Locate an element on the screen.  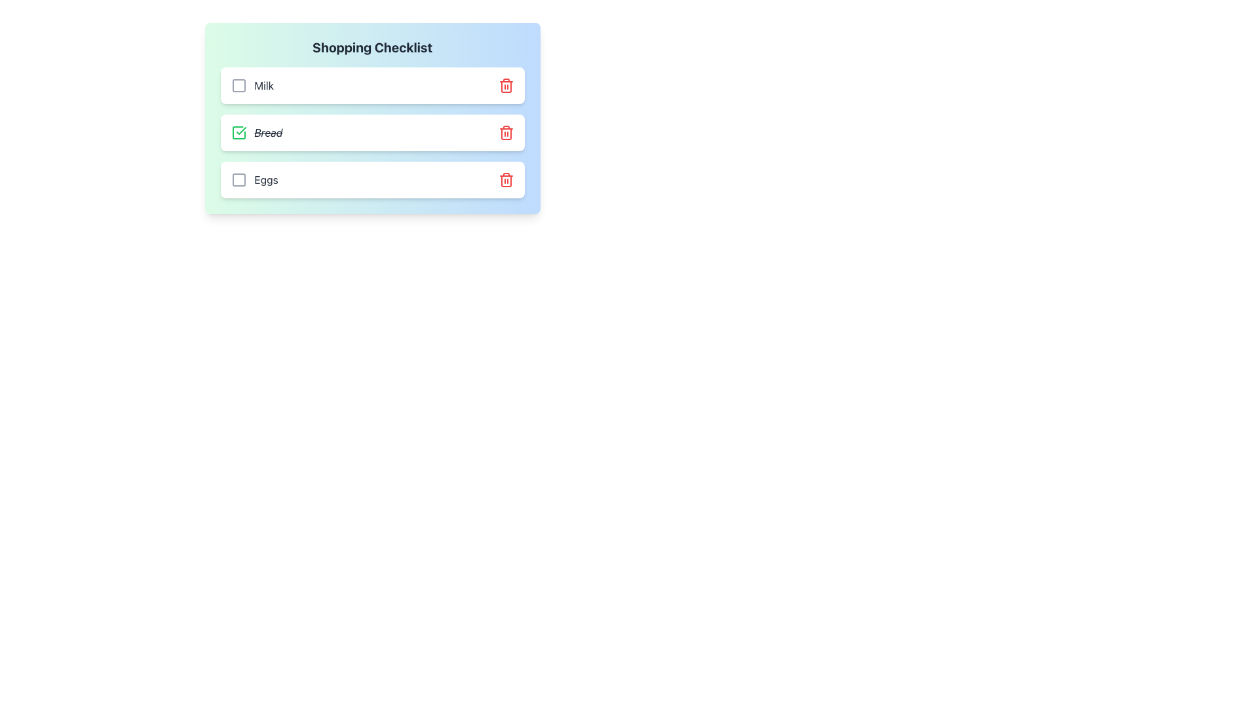
the decorative rectangle component located inside the icon adjacent to the text 'Eggs' in the checklist interface is located at coordinates (238, 179).